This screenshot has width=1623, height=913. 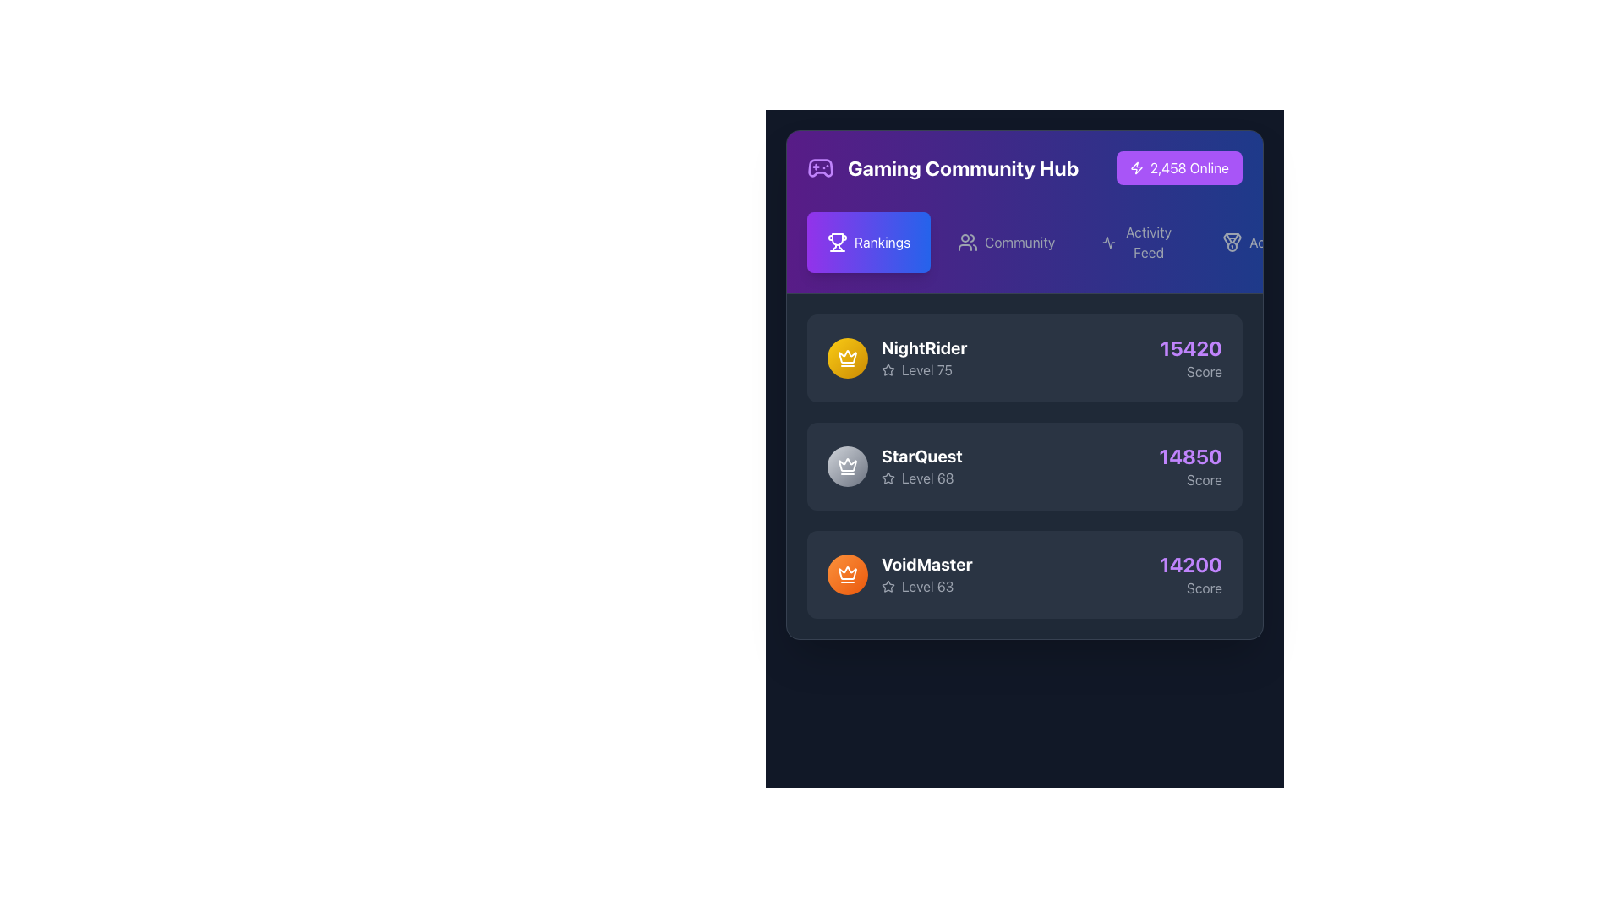 What do you see at coordinates (1024, 466) in the screenshot?
I see `the second card in the 'Gaming Community Hub' that displays user or item information, positioned between 'NightRider' and 'VoidMaster'` at bounding box center [1024, 466].